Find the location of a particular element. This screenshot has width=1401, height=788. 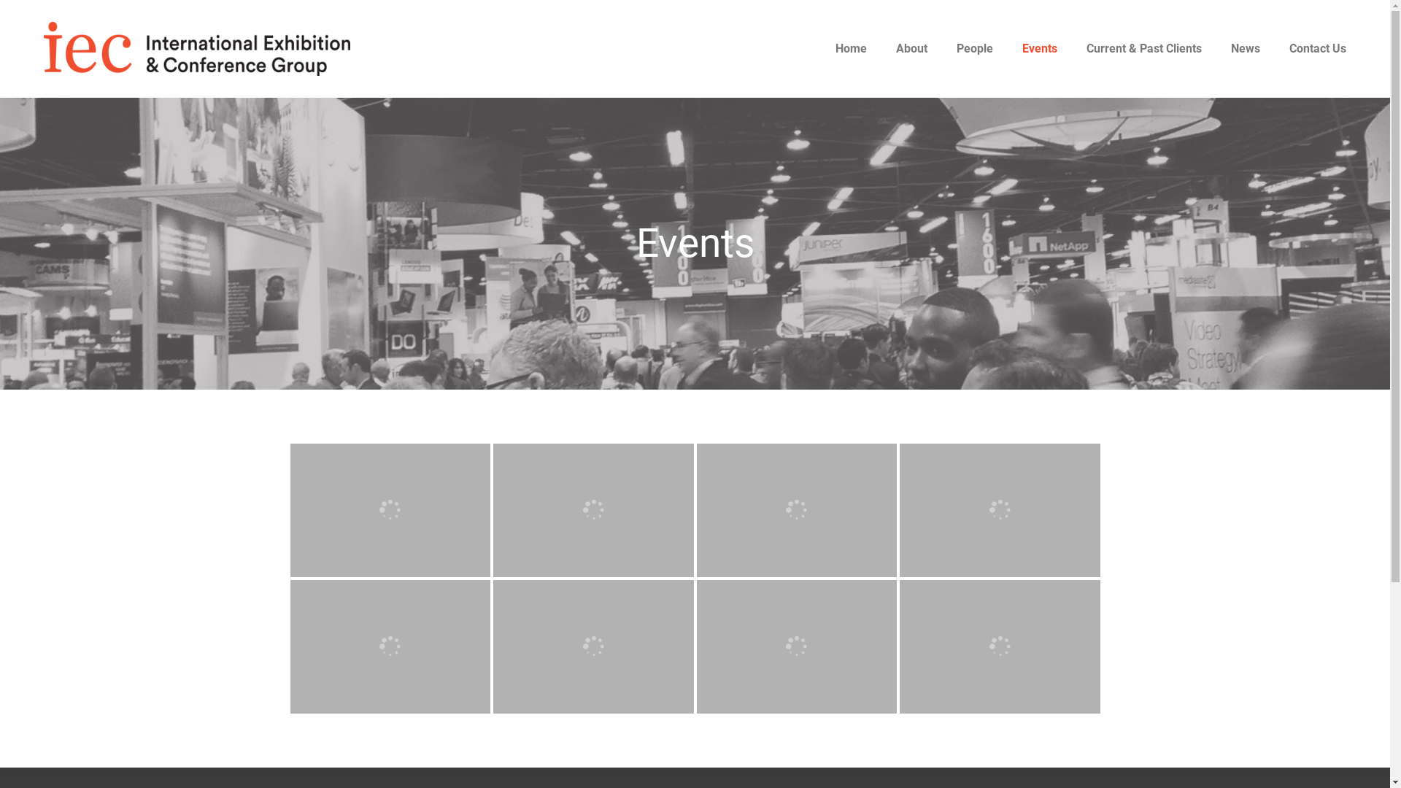

'About' is located at coordinates (911, 47).